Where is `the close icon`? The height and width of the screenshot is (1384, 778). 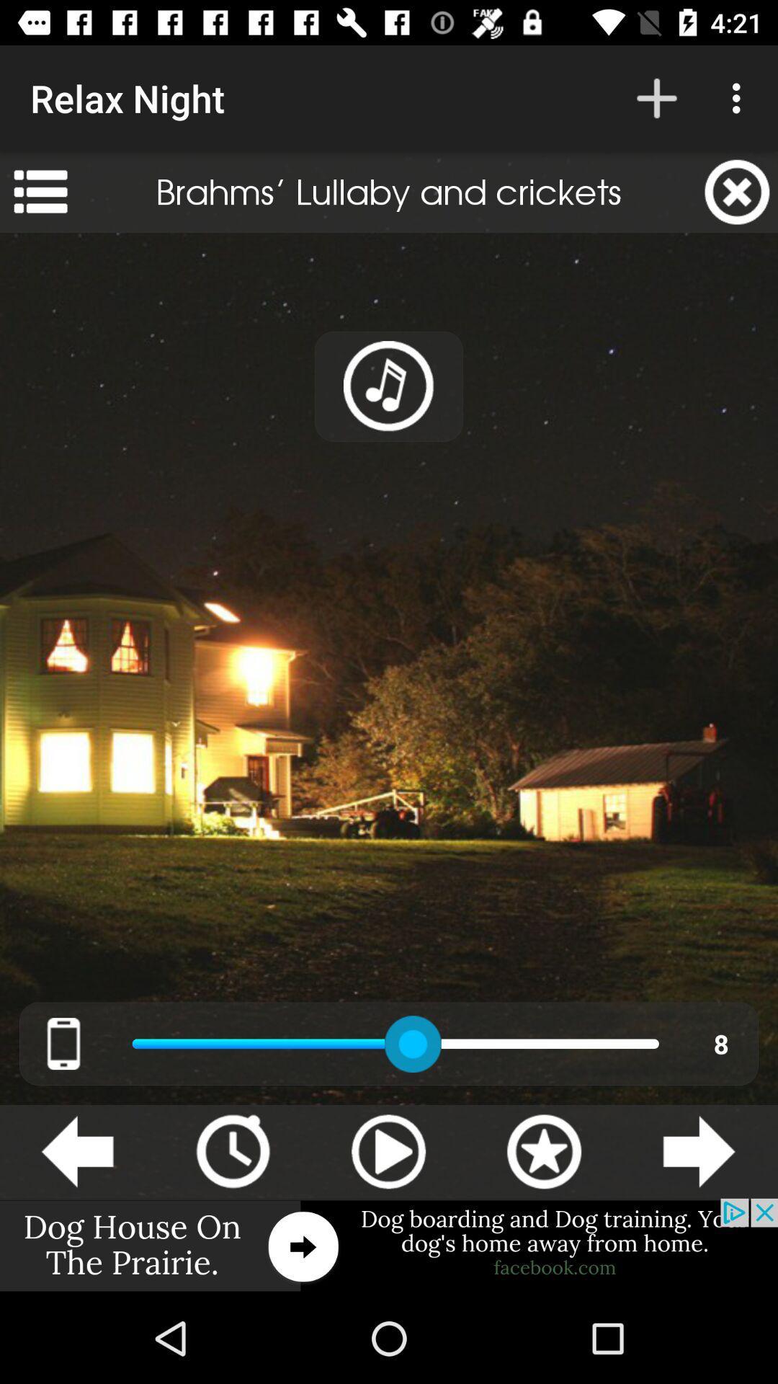
the close icon is located at coordinates (737, 191).